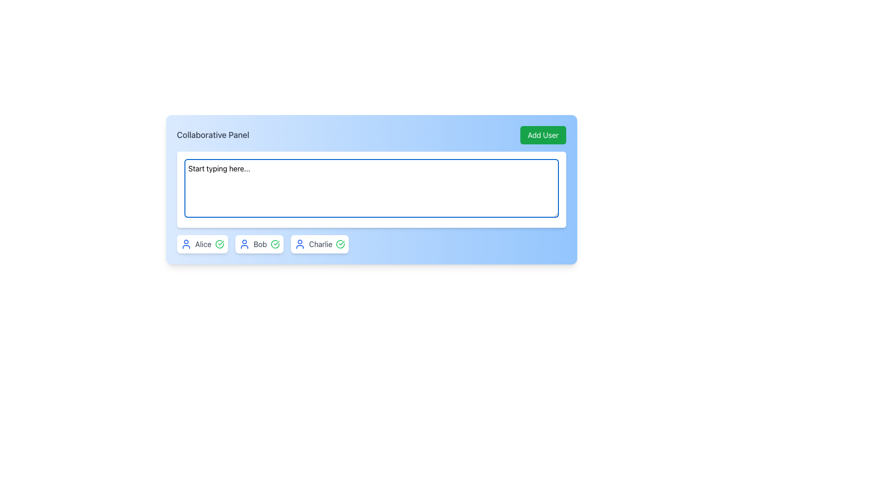  I want to click on the circular check mark icon with a green stroke located at the far right of Charlie's user badge, so click(340, 243).